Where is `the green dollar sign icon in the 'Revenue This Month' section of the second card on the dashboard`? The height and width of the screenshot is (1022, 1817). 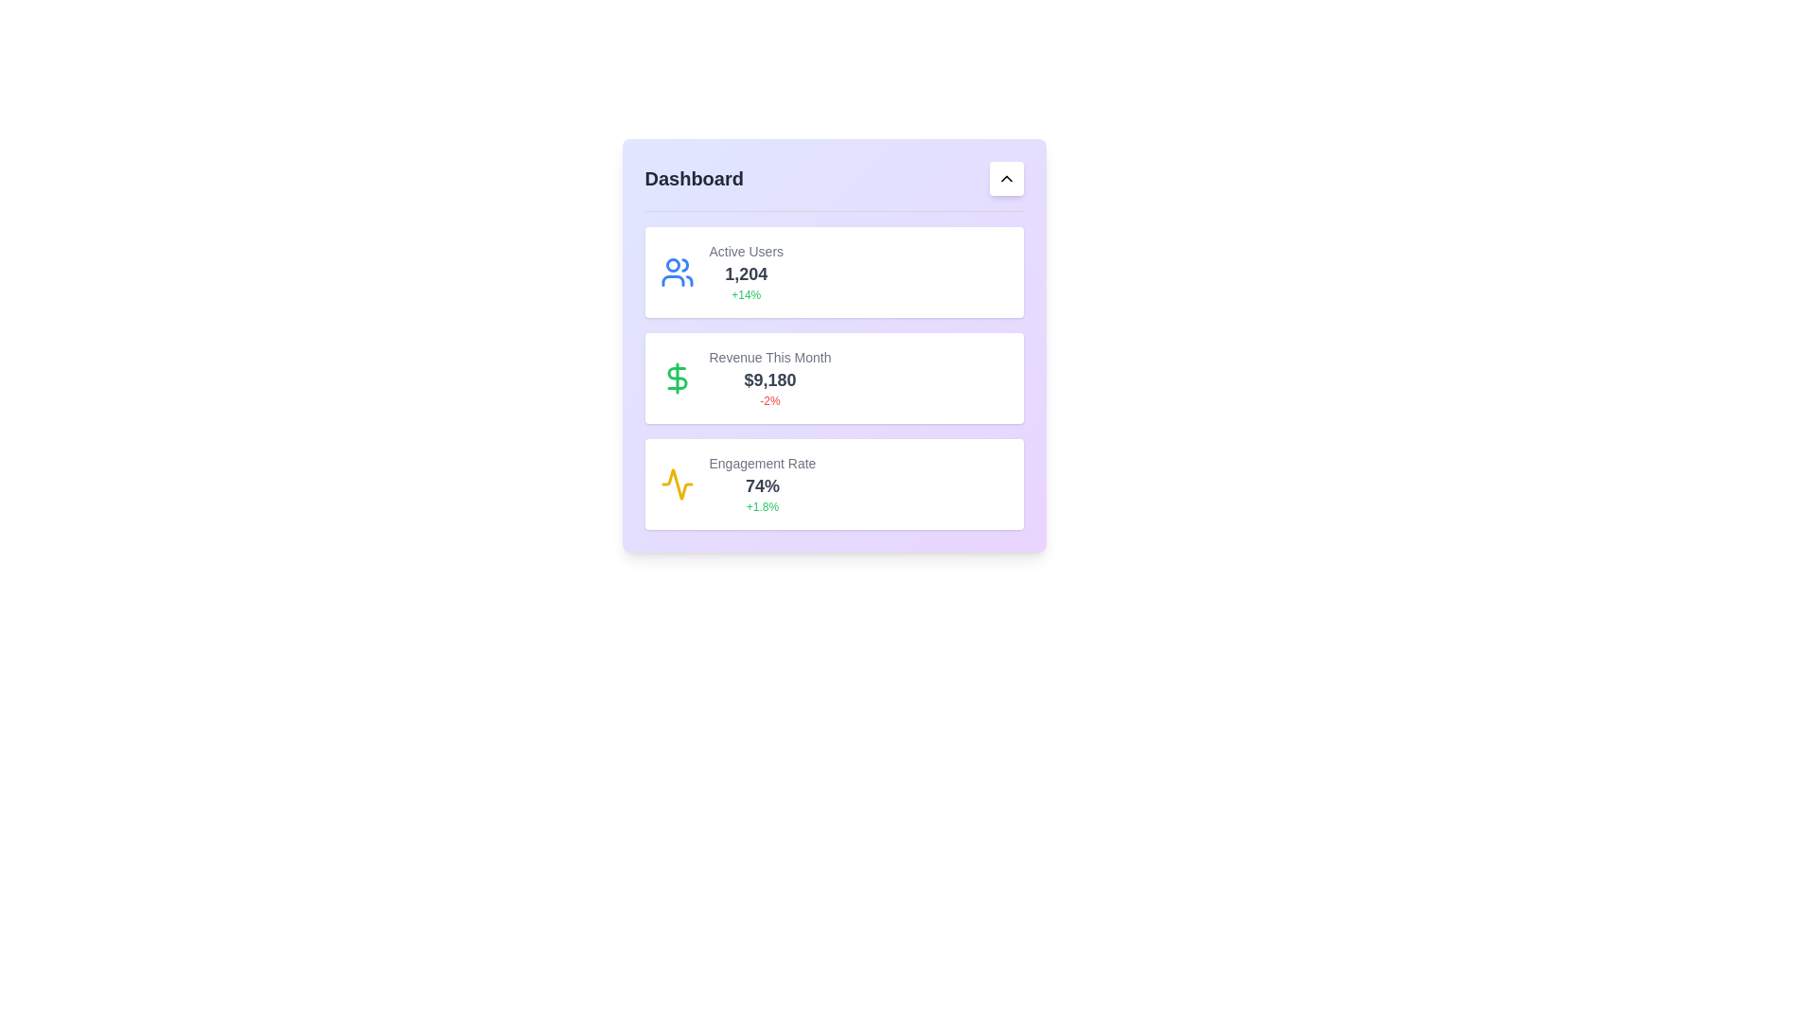
the green dollar sign icon in the 'Revenue This Month' section of the second card on the dashboard is located at coordinates (677, 379).